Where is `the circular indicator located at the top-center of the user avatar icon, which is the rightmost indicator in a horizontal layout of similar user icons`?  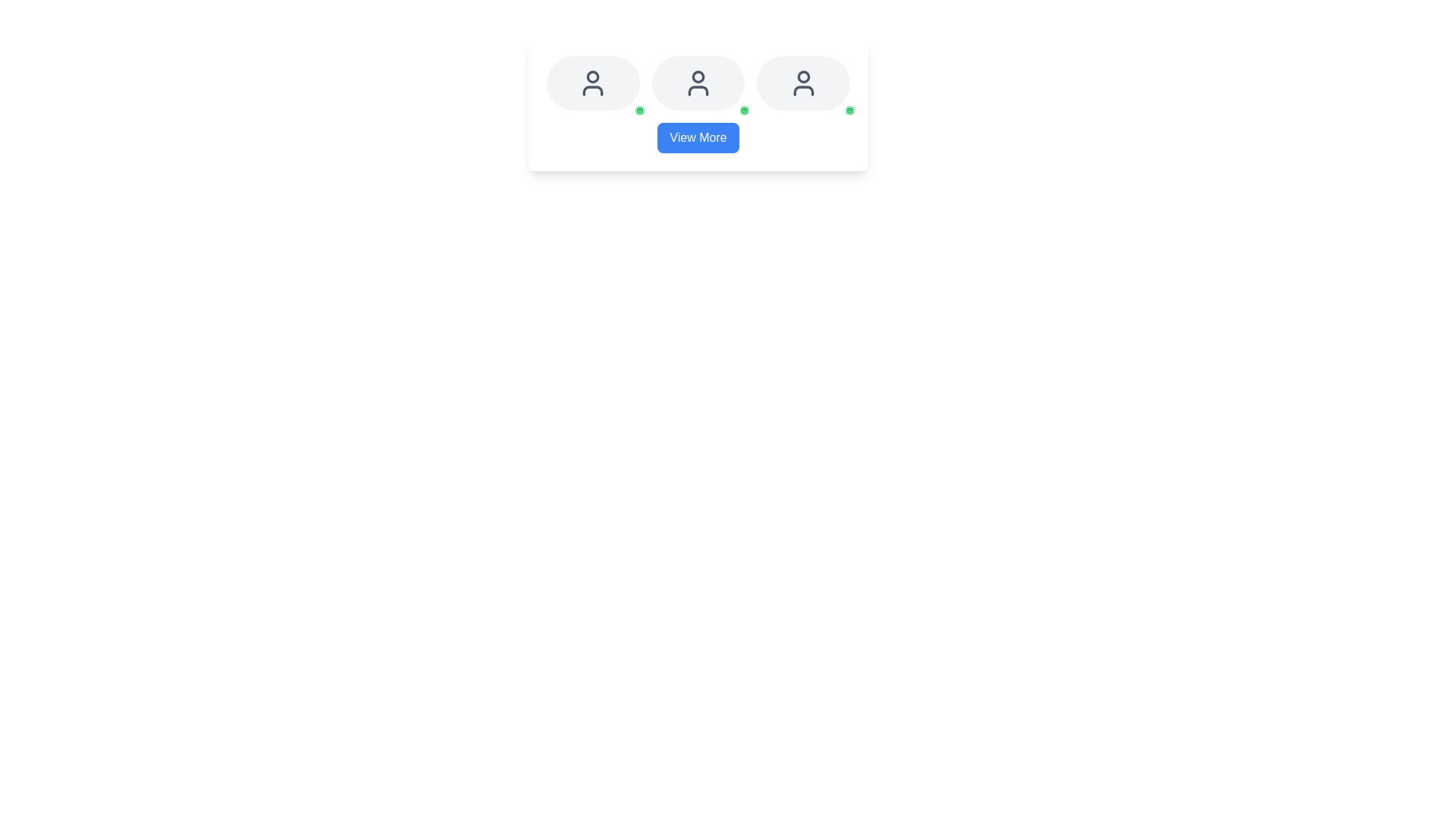
the circular indicator located at the top-center of the user avatar icon, which is the rightmost indicator in a horizontal layout of similar user icons is located at coordinates (802, 77).